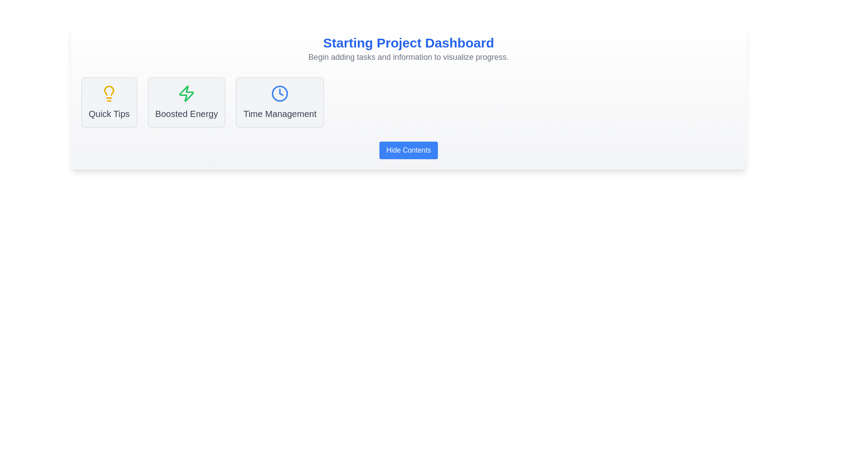 The image size is (845, 475). Describe the element at coordinates (186, 93) in the screenshot. I see `the green lightning bolt icon located in the second group of feature cards, positioned above the 'Boosted Energy' text` at that location.